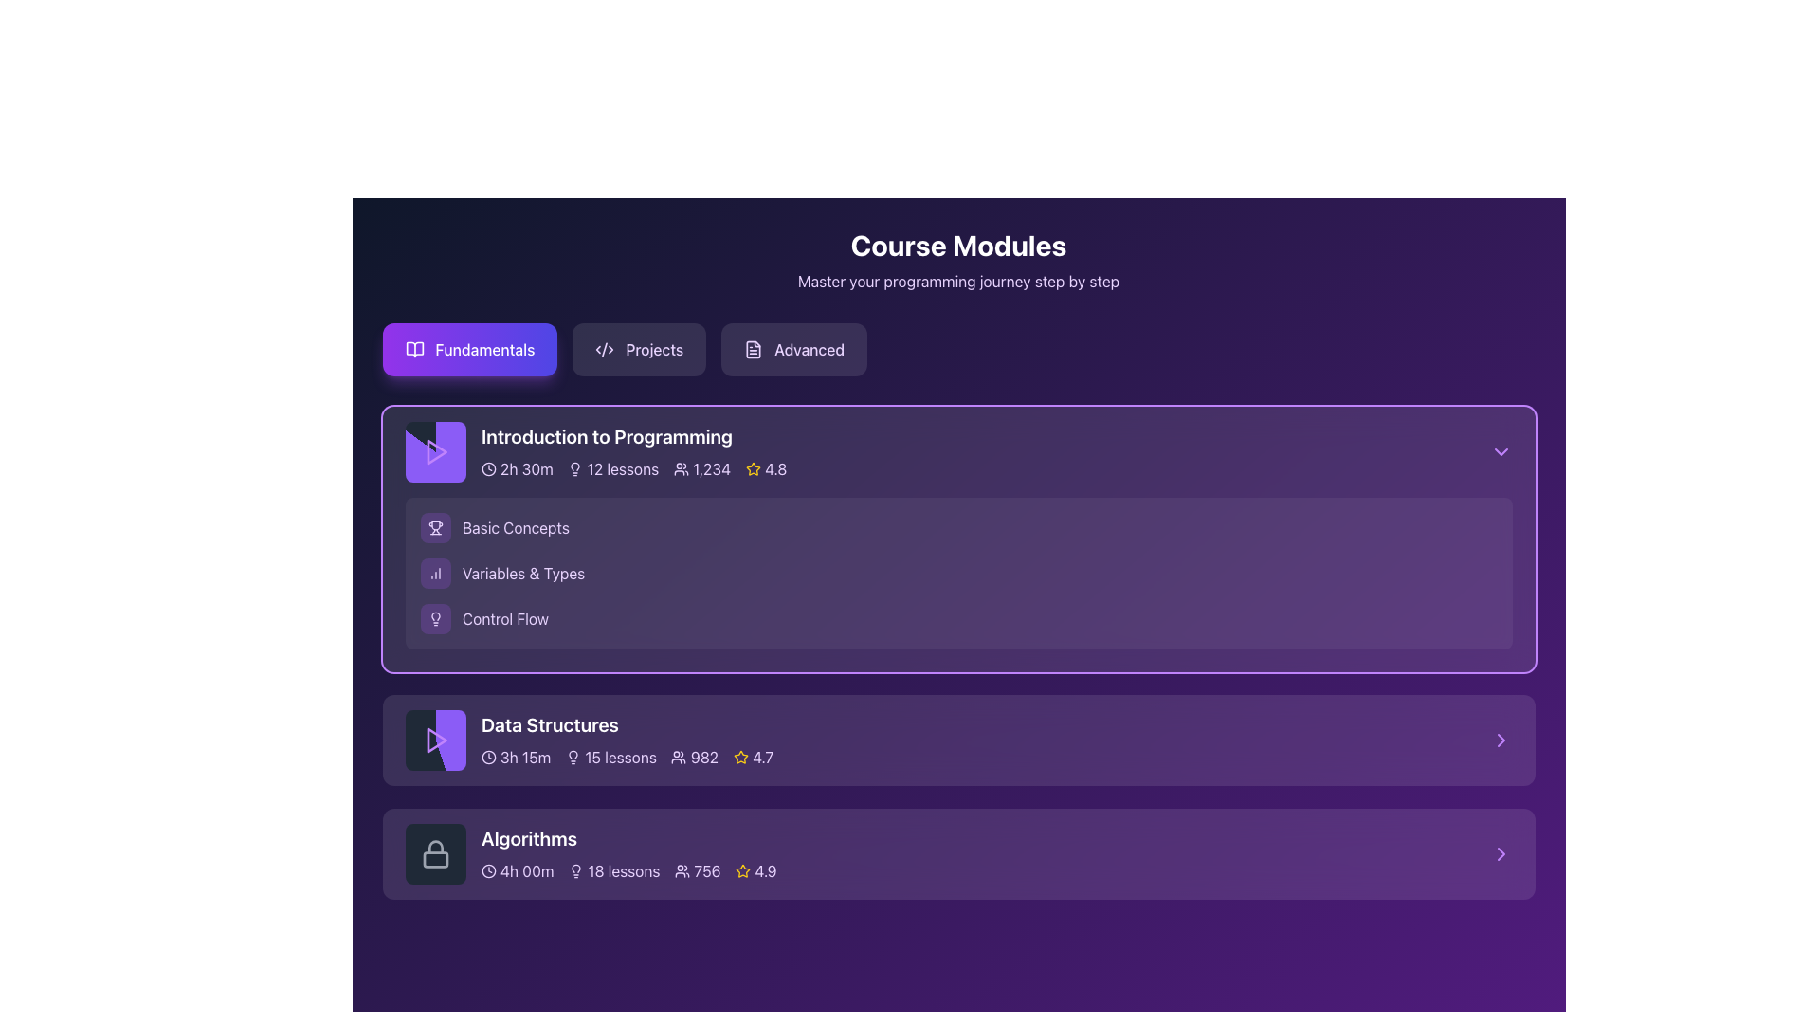 The image size is (1820, 1024). Describe the element at coordinates (604, 350) in the screenshot. I see `the coding angle bracket icon located to the left of the 'Projects' button in the top section of the UI` at that location.